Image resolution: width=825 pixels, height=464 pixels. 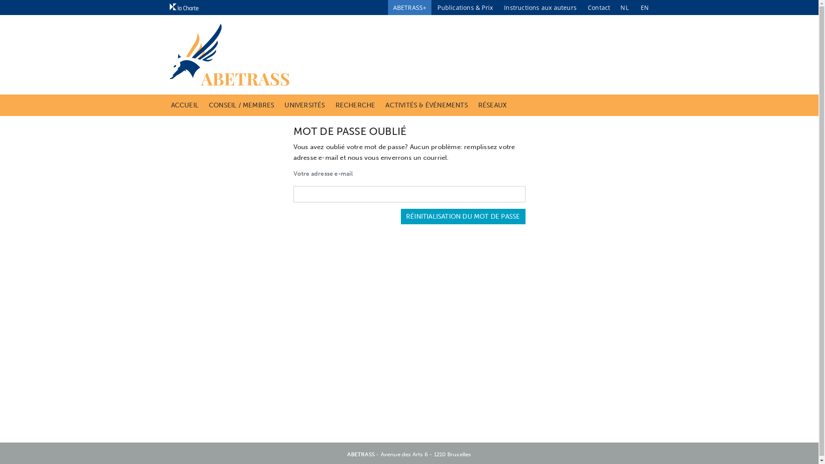 I want to click on 'RECHERCHE', so click(x=335, y=105).